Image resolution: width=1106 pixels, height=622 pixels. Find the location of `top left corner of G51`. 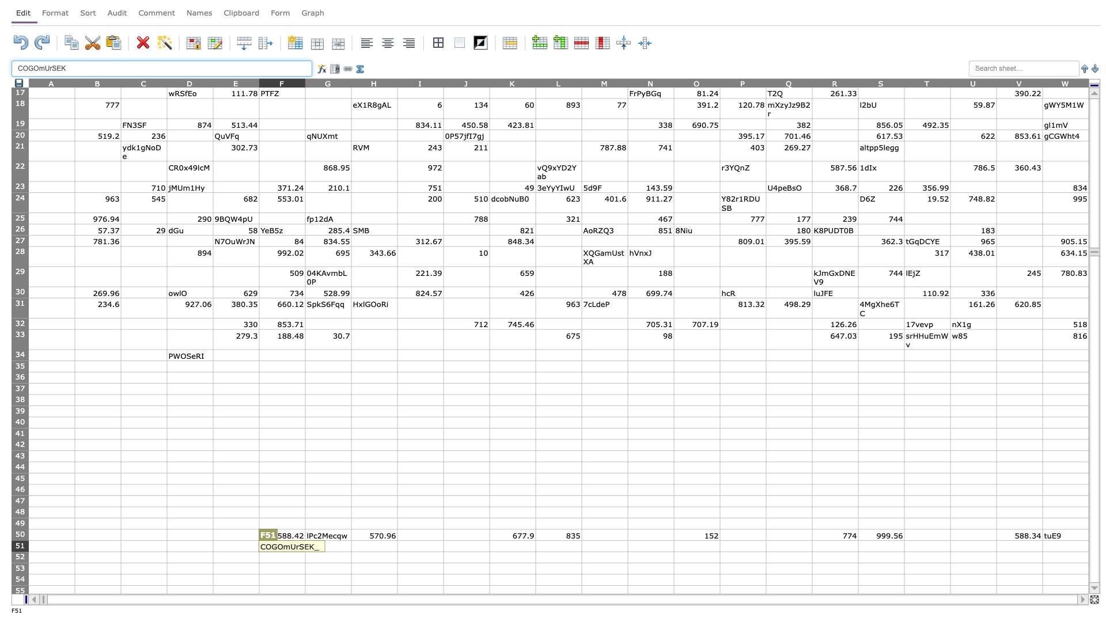

top left corner of G51 is located at coordinates (305, 540).